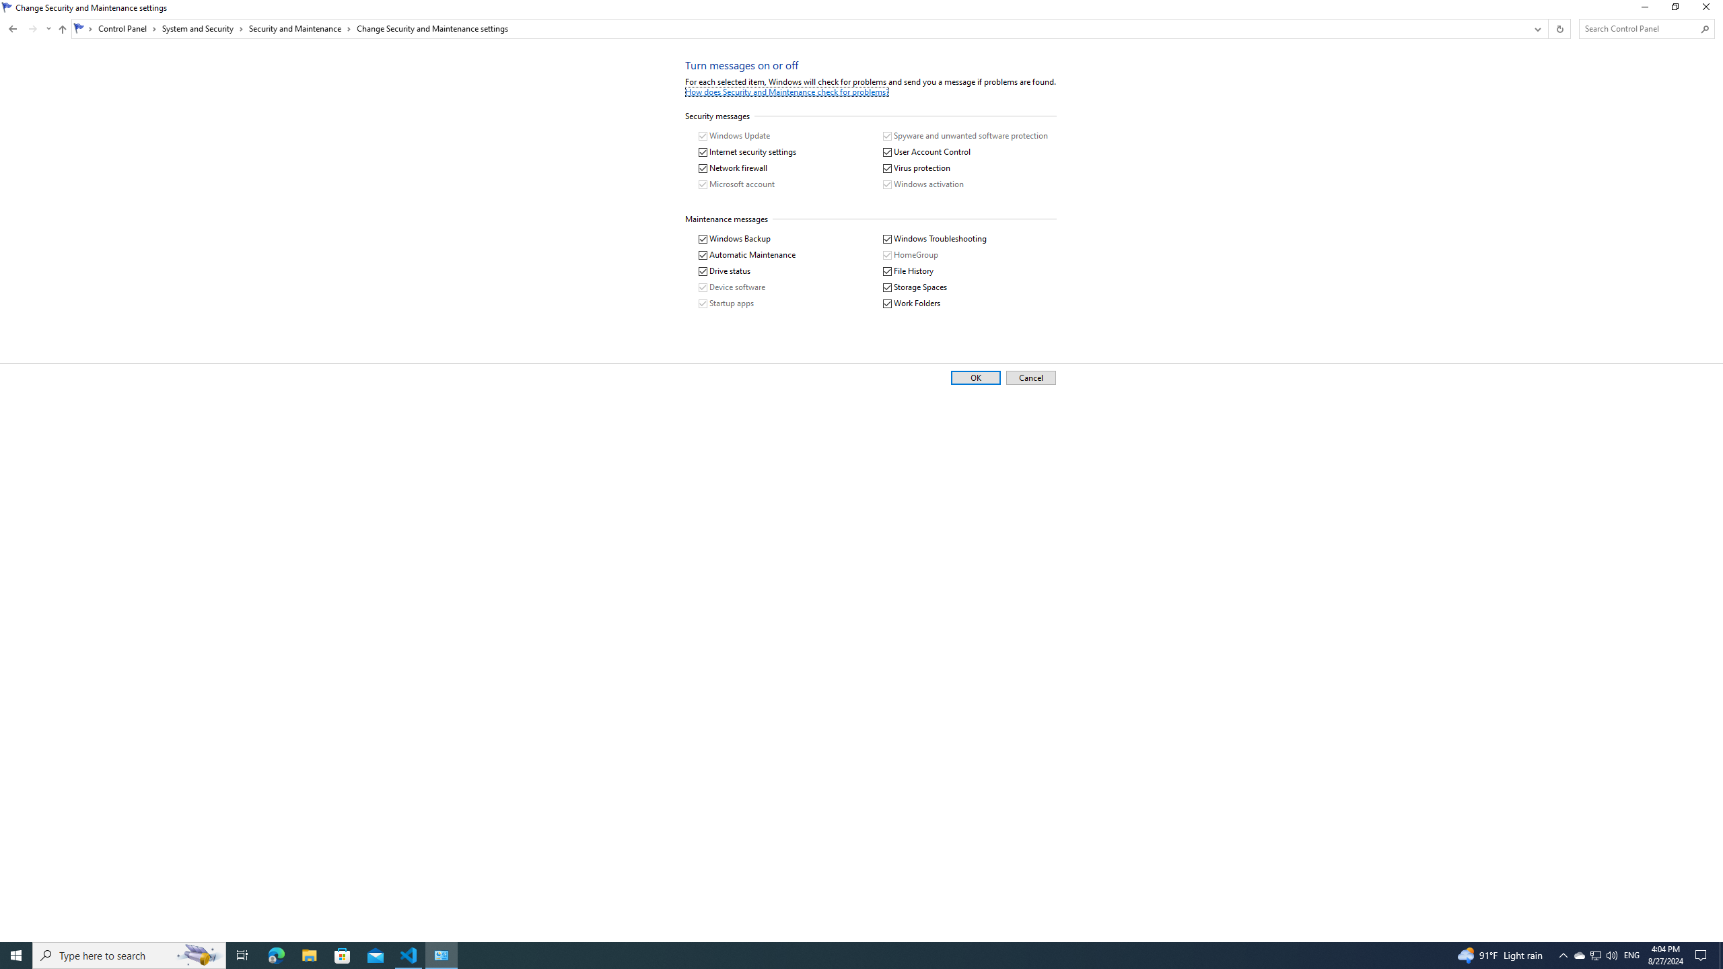 This screenshot has height=969, width=1723. What do you see at coordinates (787, 91) in the screenshot?
I see `'How does Security and Maintenance check for problems?'` at bounding box center [787, 91].